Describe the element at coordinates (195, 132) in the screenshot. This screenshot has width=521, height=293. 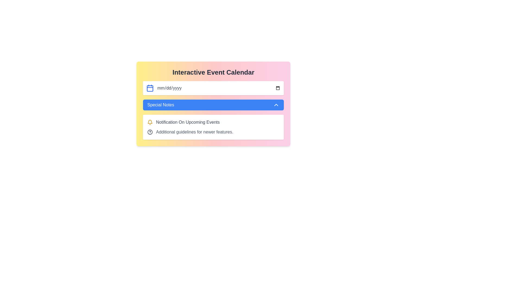
I see `the text label displaying 'Additional guidelines for newer features.' located below the 'Special Notes' toggle in the 'Interactive Event Calendar' card` at that location.